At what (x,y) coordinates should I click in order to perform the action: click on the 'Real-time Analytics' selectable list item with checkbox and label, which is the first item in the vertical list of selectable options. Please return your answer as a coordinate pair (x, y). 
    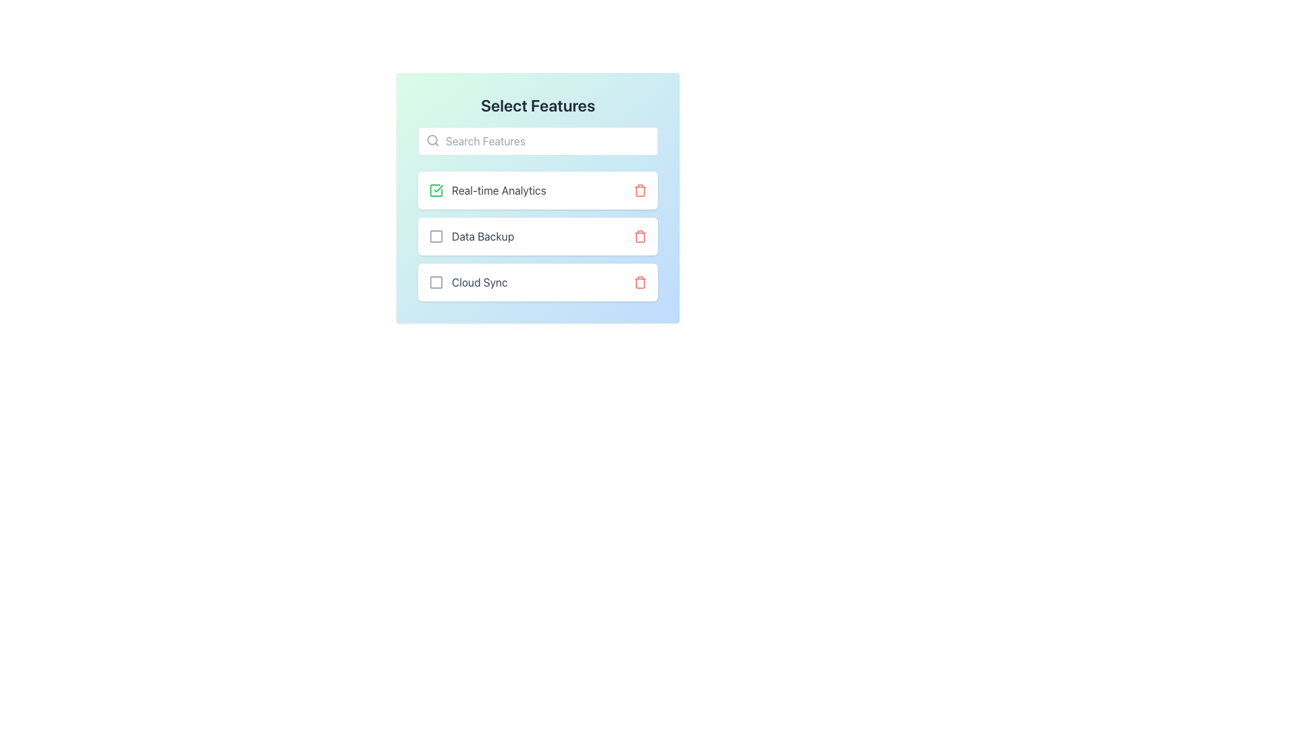
    Looking at the image, I should click on (486, 190).